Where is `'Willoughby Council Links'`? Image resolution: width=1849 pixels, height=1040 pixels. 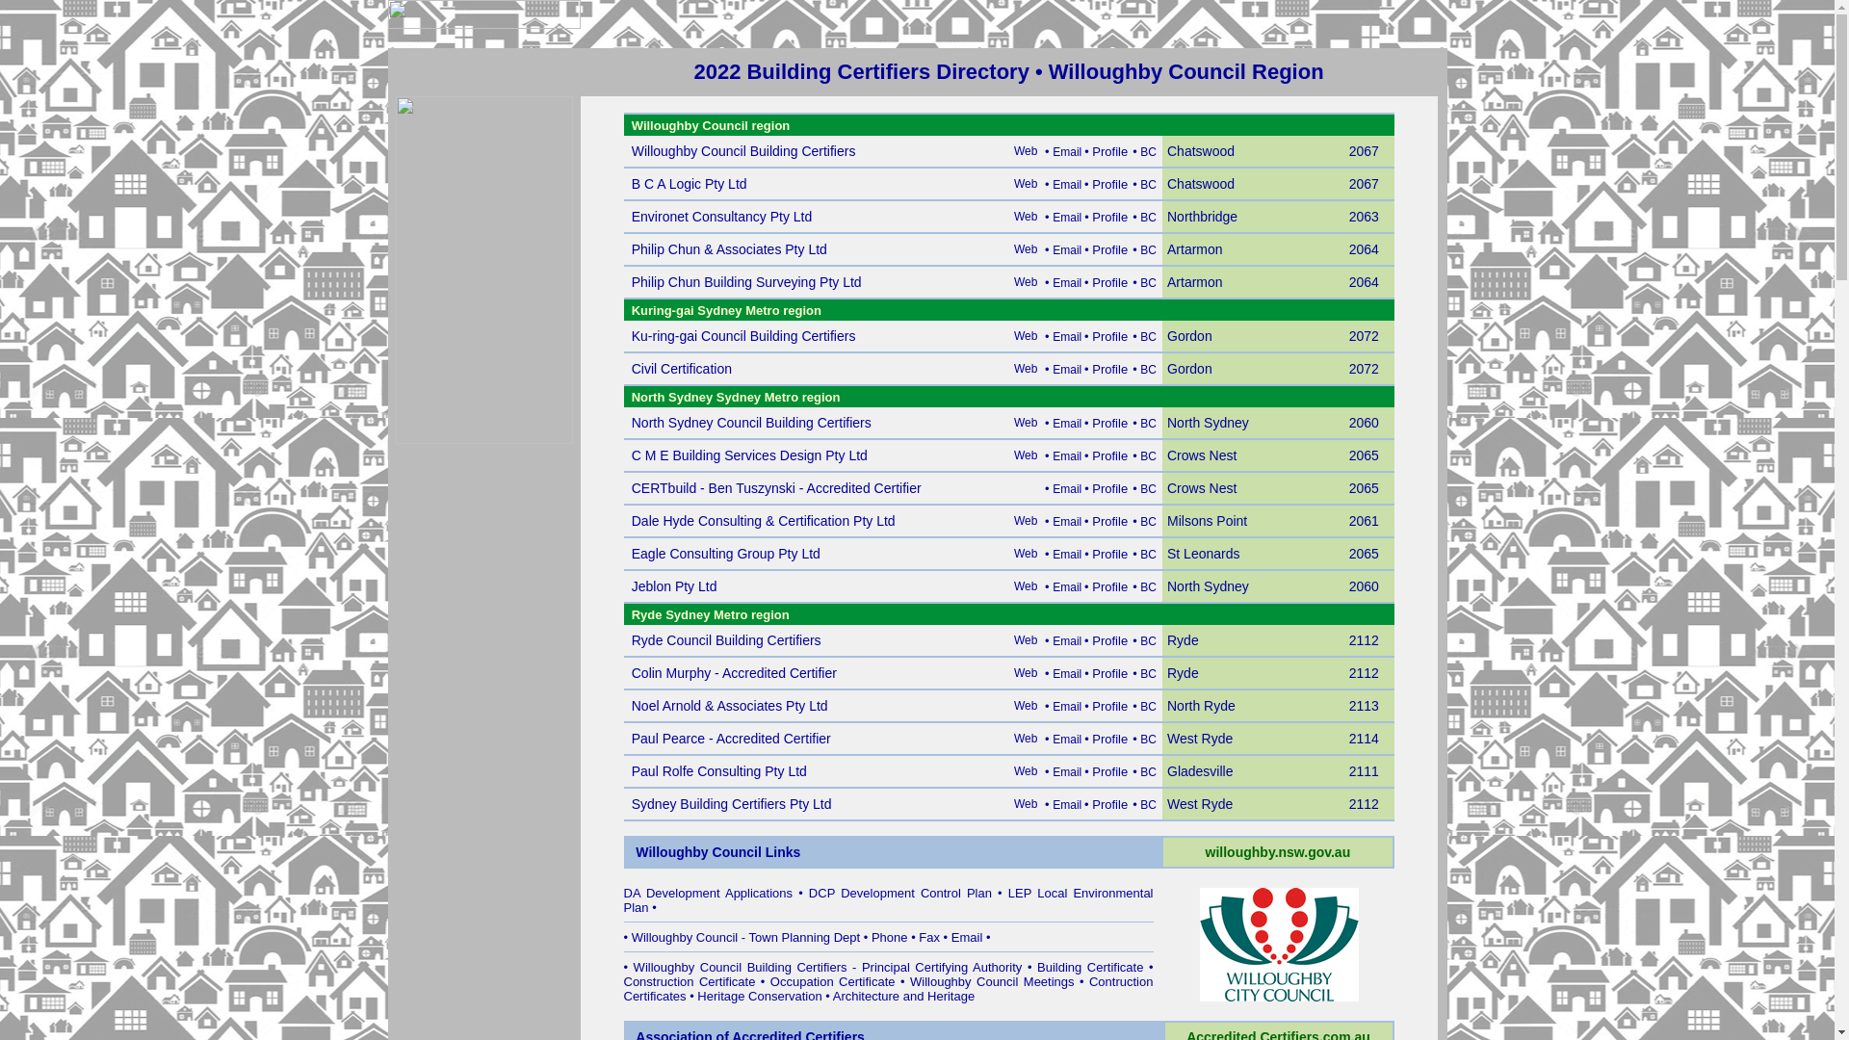 'Willoughby Council Links' is located at coordinates (716, 850).